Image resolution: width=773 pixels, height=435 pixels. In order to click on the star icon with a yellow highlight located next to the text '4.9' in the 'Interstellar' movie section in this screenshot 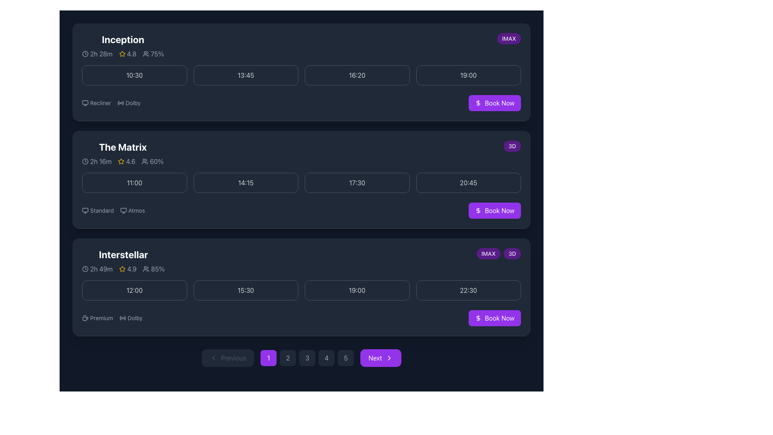, I will do `click(123, 269)`.